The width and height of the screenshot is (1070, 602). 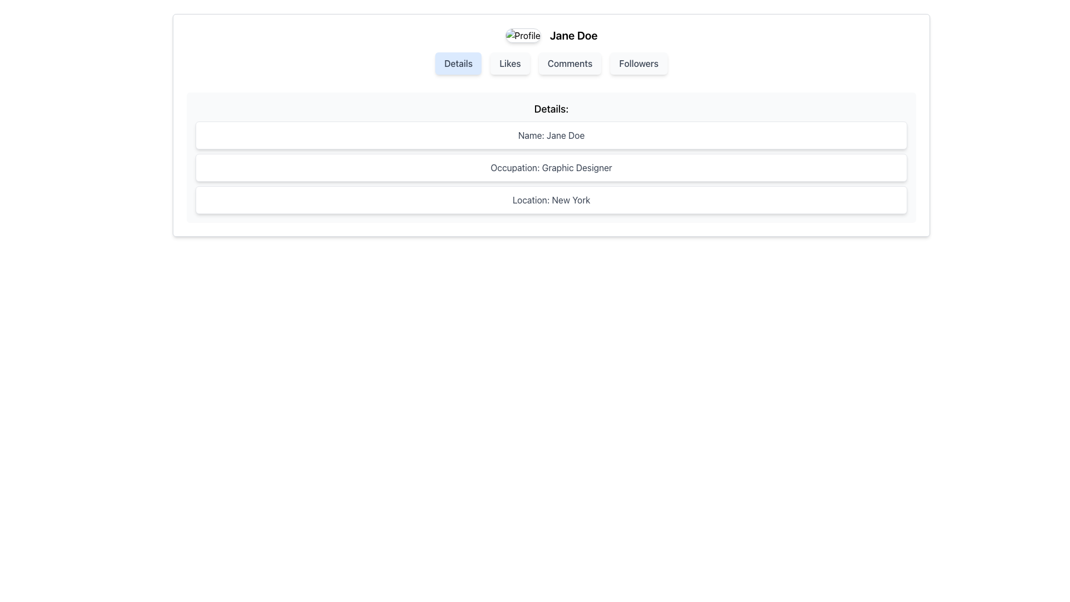 What do you see at coordinates (551, 64) in the screenshot?
I see `the 'Comments' tab on the Tab Navigation Bar located below the heading 'Jane Doe'` at bounding box center [551, 64].